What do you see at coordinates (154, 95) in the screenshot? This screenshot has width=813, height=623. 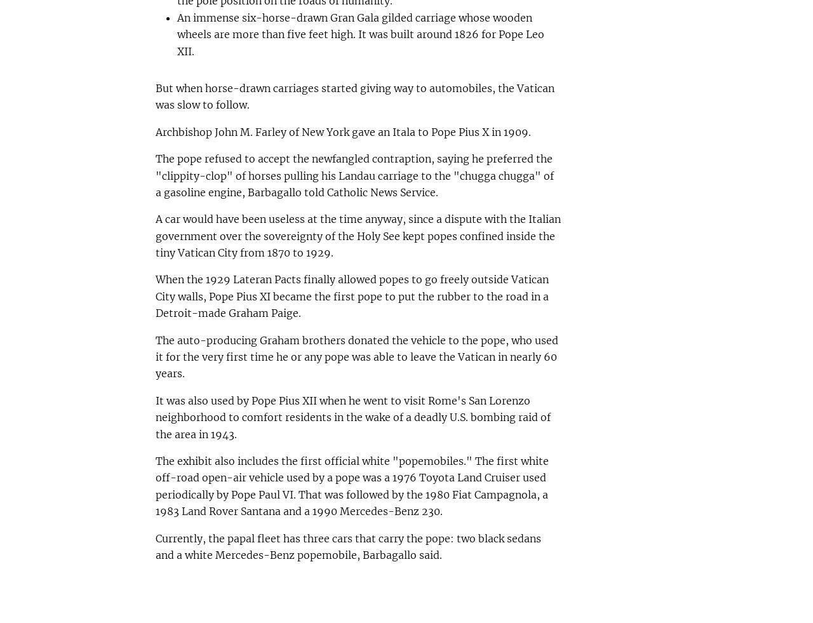 I see `'But when horse-drawn carriages started giving way to automobiles, the Vatican was slow to follow.'` at bounding box center [154, 95].